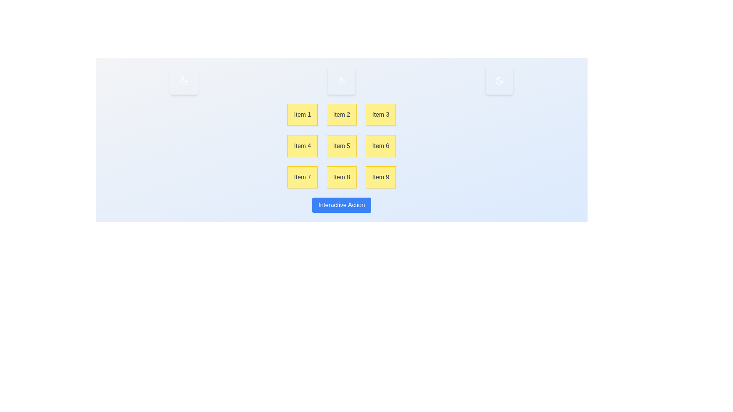  What do you see at coordinates (341, 146) in the screenshot?
I see `the label or static block located in the middle column and middle row of a 3x3 grid layout, which serves as an informational or selection element` at bounding box center [341, 146].